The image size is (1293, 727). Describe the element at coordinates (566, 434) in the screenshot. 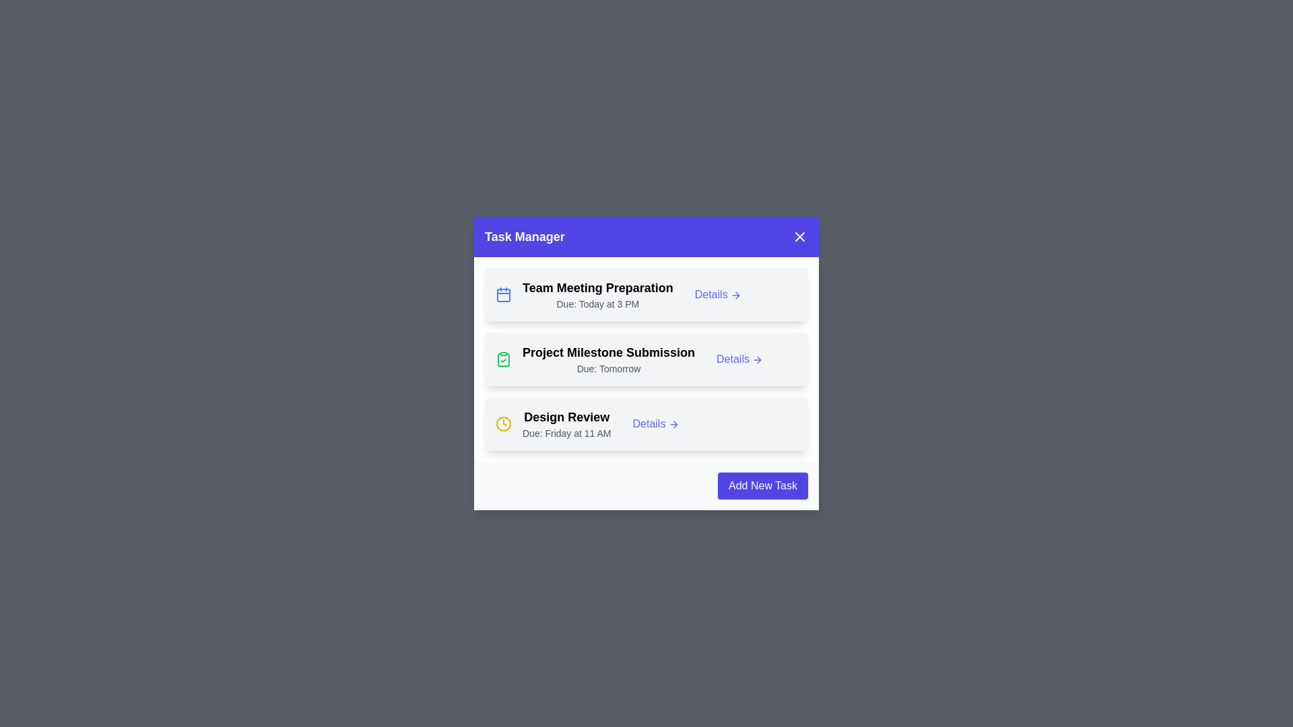

I see `the text element displaying 'Due: Friday at 11 AM', which is aligned below the title 'Design Review' in the main panel` at that location.